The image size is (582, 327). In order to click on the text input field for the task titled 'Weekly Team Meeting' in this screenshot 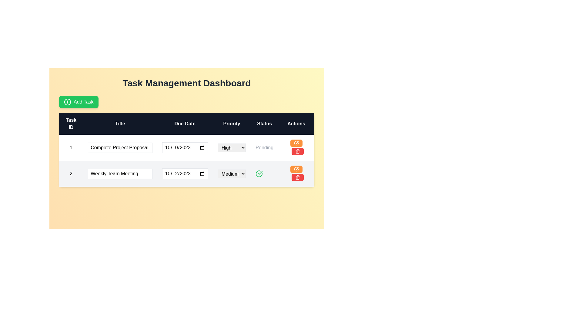, I will do `click(120, 174)`.